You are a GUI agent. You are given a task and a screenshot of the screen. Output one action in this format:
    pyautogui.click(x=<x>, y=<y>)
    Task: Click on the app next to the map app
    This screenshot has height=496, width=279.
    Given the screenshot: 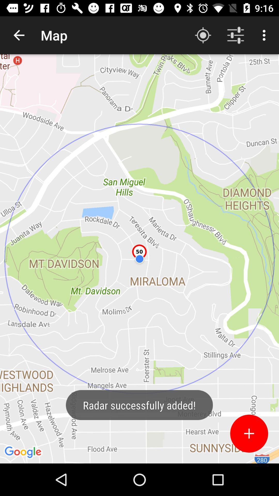 What is the action you would take?
    pyautogui.click(x=203, y=35)
    